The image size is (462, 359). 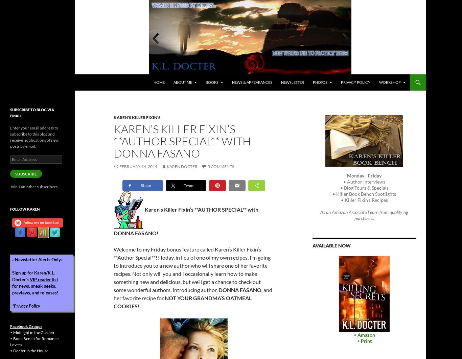 I want to click on 'Join 14K other subscribers', so click(x=33, y=187).